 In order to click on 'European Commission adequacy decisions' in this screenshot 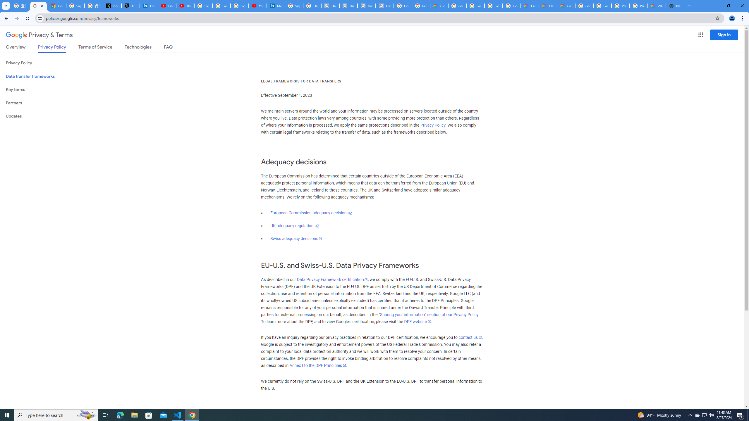, I will do `click(311, 213)`.